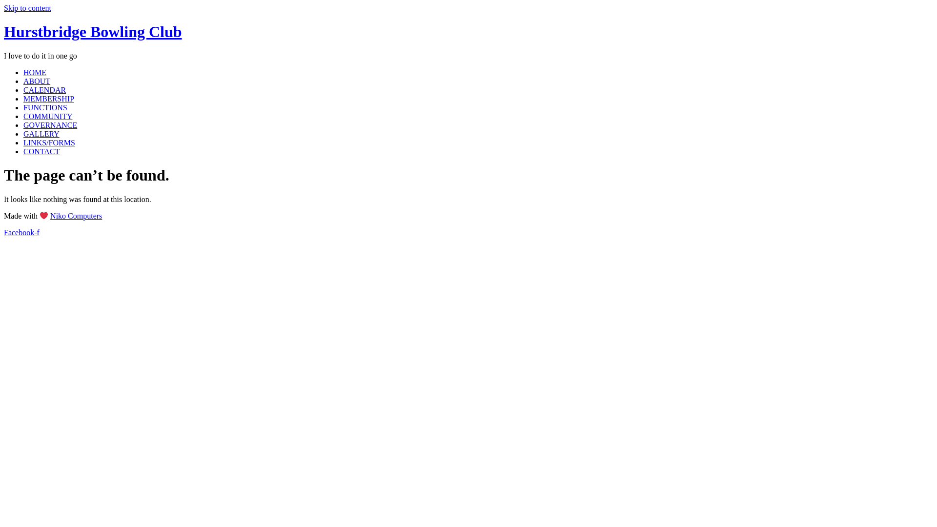 The width and height of the screenshot is (937, 527). Describe the element at coordinates (49, 124) in the screenshot. I see `'GOVERNANCE'` at that location.